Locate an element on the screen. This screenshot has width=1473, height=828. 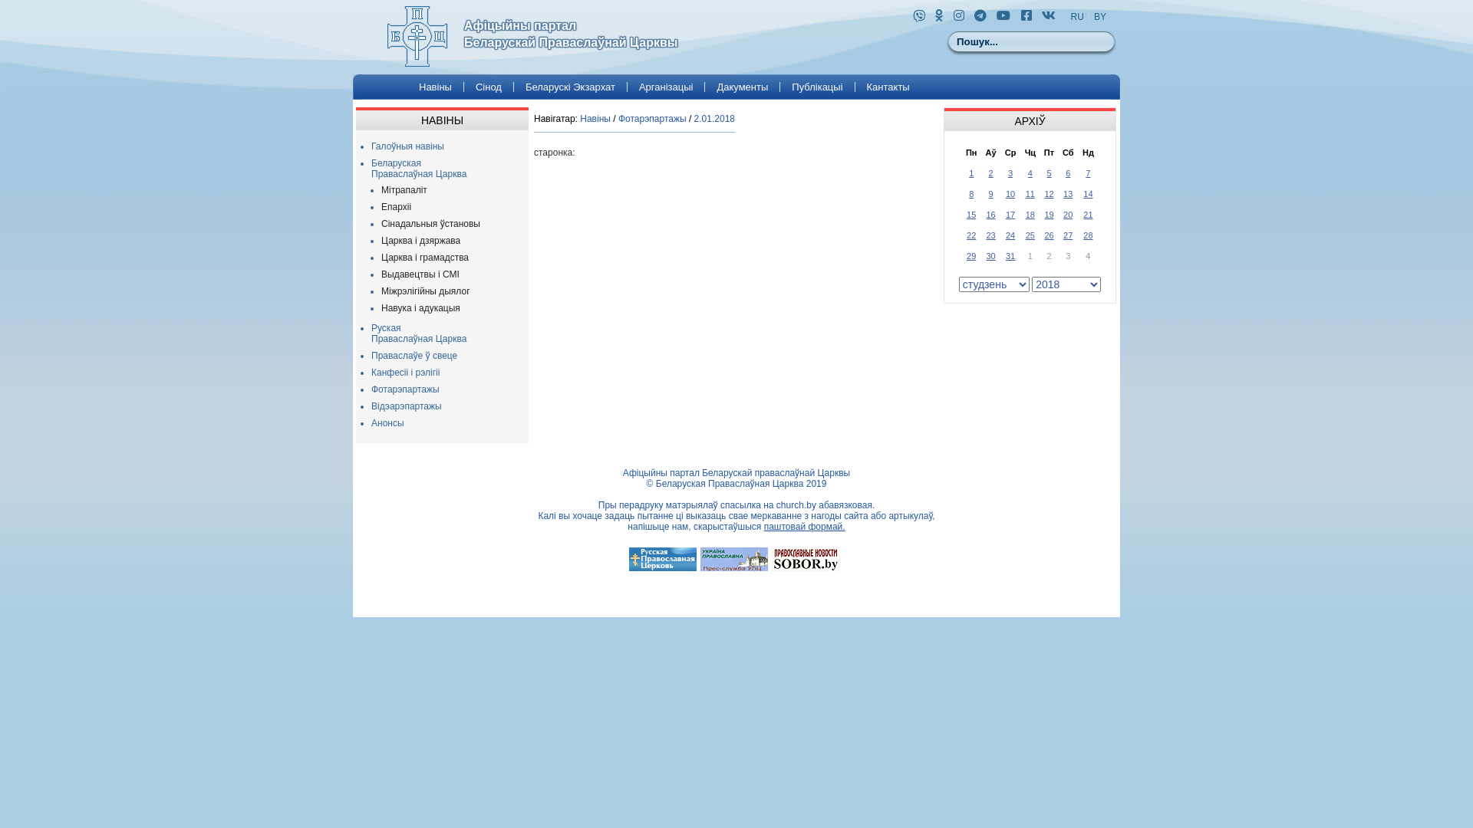
'29' is located at coordinates (970, 255).